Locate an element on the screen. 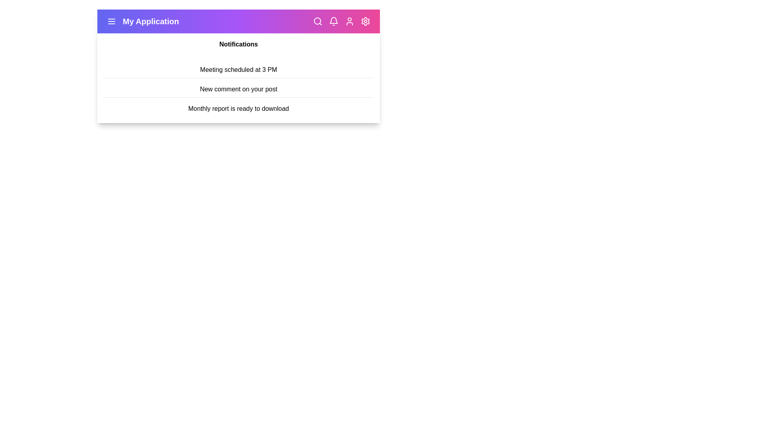  the application title to trigger potential actions is located at coordinates (151, 21).